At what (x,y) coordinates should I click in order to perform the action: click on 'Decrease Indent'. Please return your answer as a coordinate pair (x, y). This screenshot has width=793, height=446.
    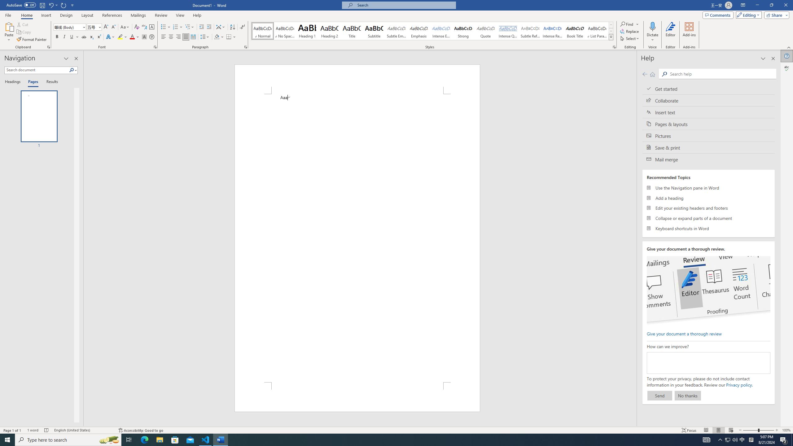
    Looking at the image, I should click on (202, 27).